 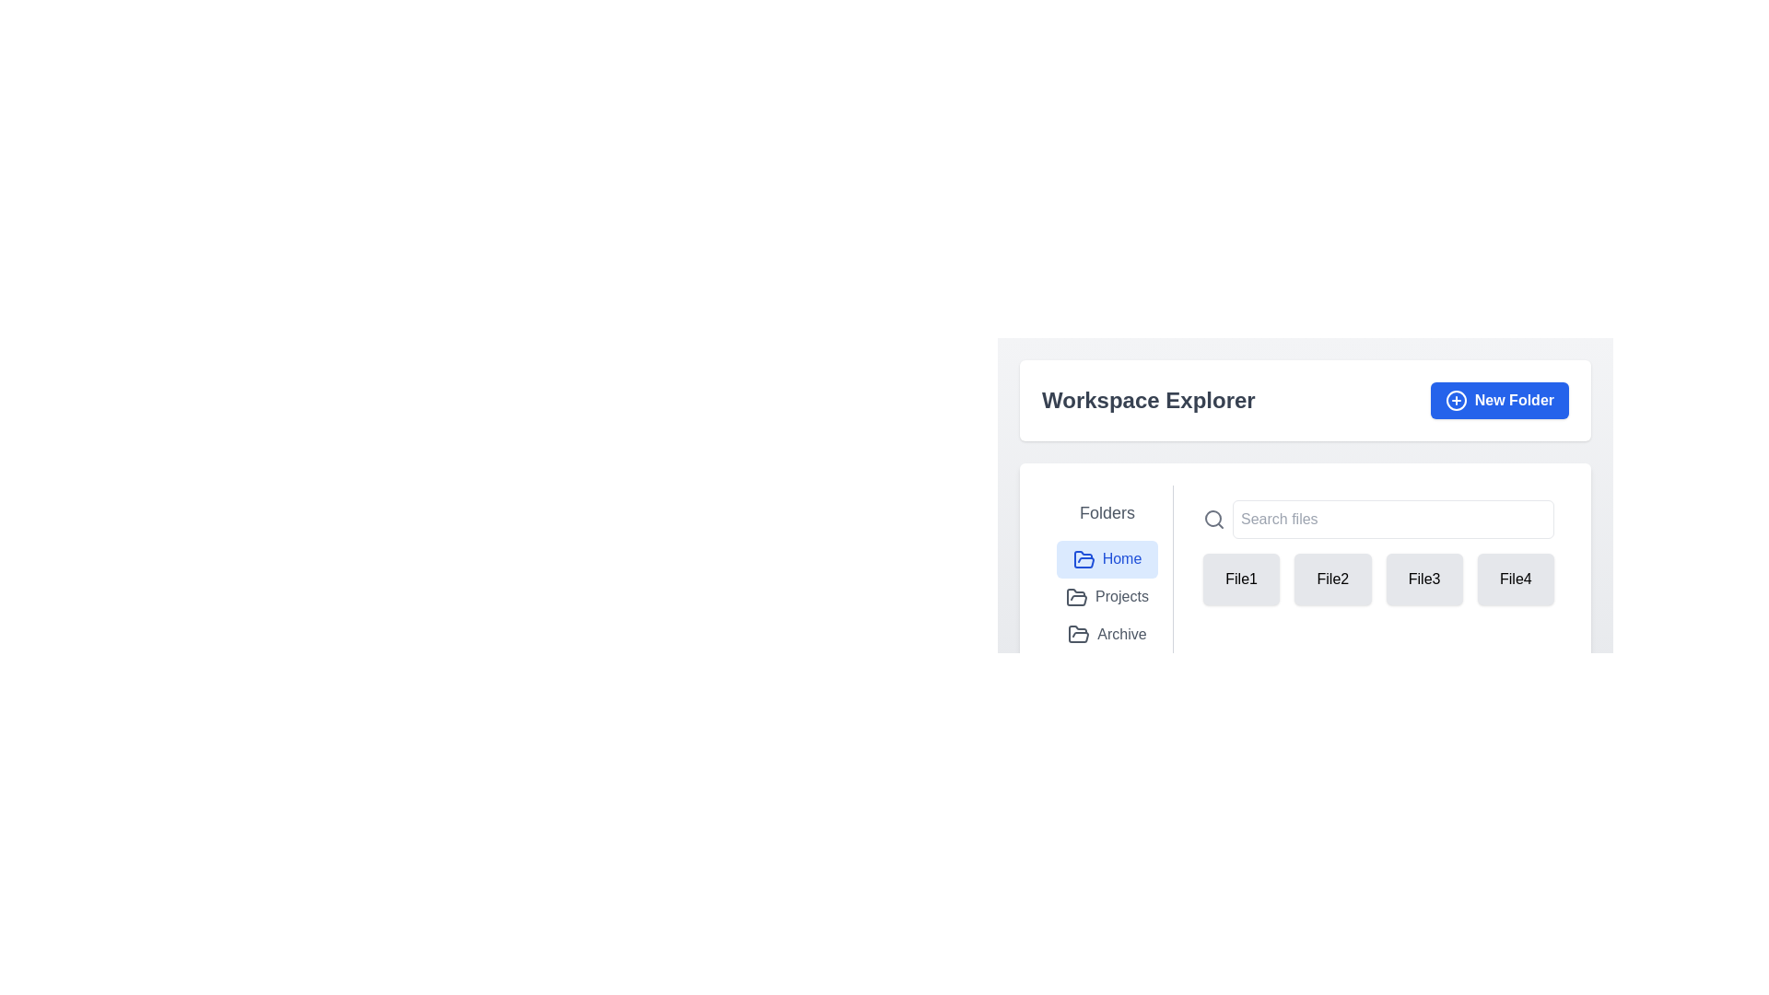 What do you see at coordinates (1077, 597) in the screenshot?
I see `the 'Projects' folder icon located in the sidebar, which is positioned next to the 'Projects' text label and between the 'Home' and 'Archive' icons` at bounding box center [1077, 597].